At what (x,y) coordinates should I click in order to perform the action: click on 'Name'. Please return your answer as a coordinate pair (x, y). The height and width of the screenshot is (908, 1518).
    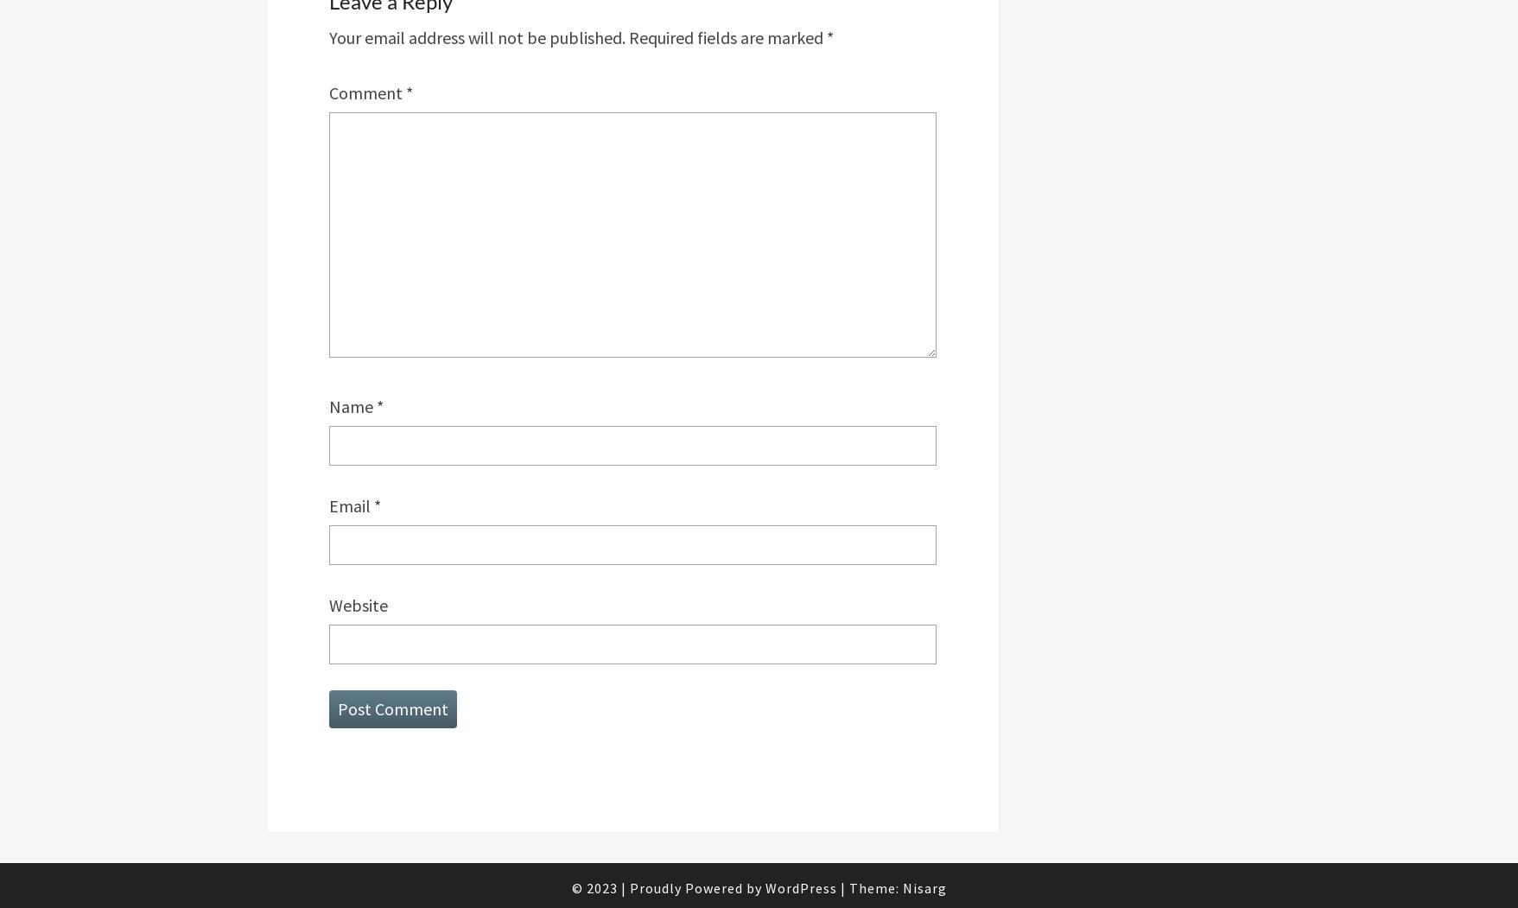
    Looking at the image, I should click on (351, 404).